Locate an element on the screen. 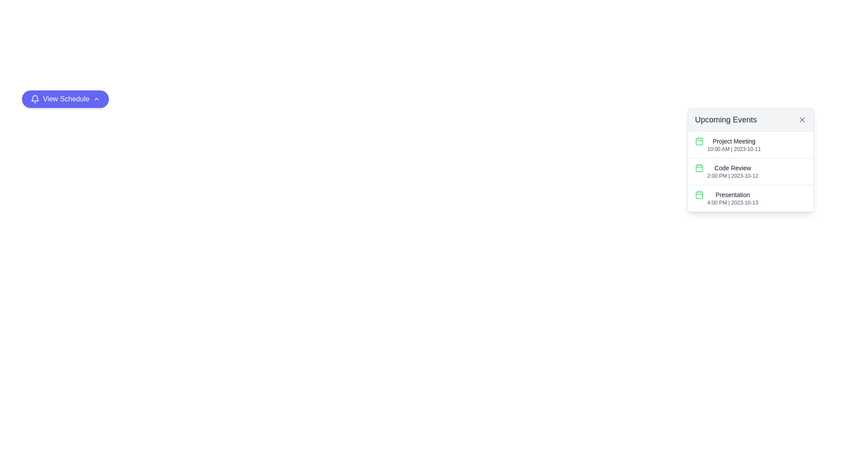  the text displaying '10:00 AM | 2023-10-11', which is located beneath the main title 'Project Meeting' in the 'Upcoming Events' section is located at coordinates (734, 148).